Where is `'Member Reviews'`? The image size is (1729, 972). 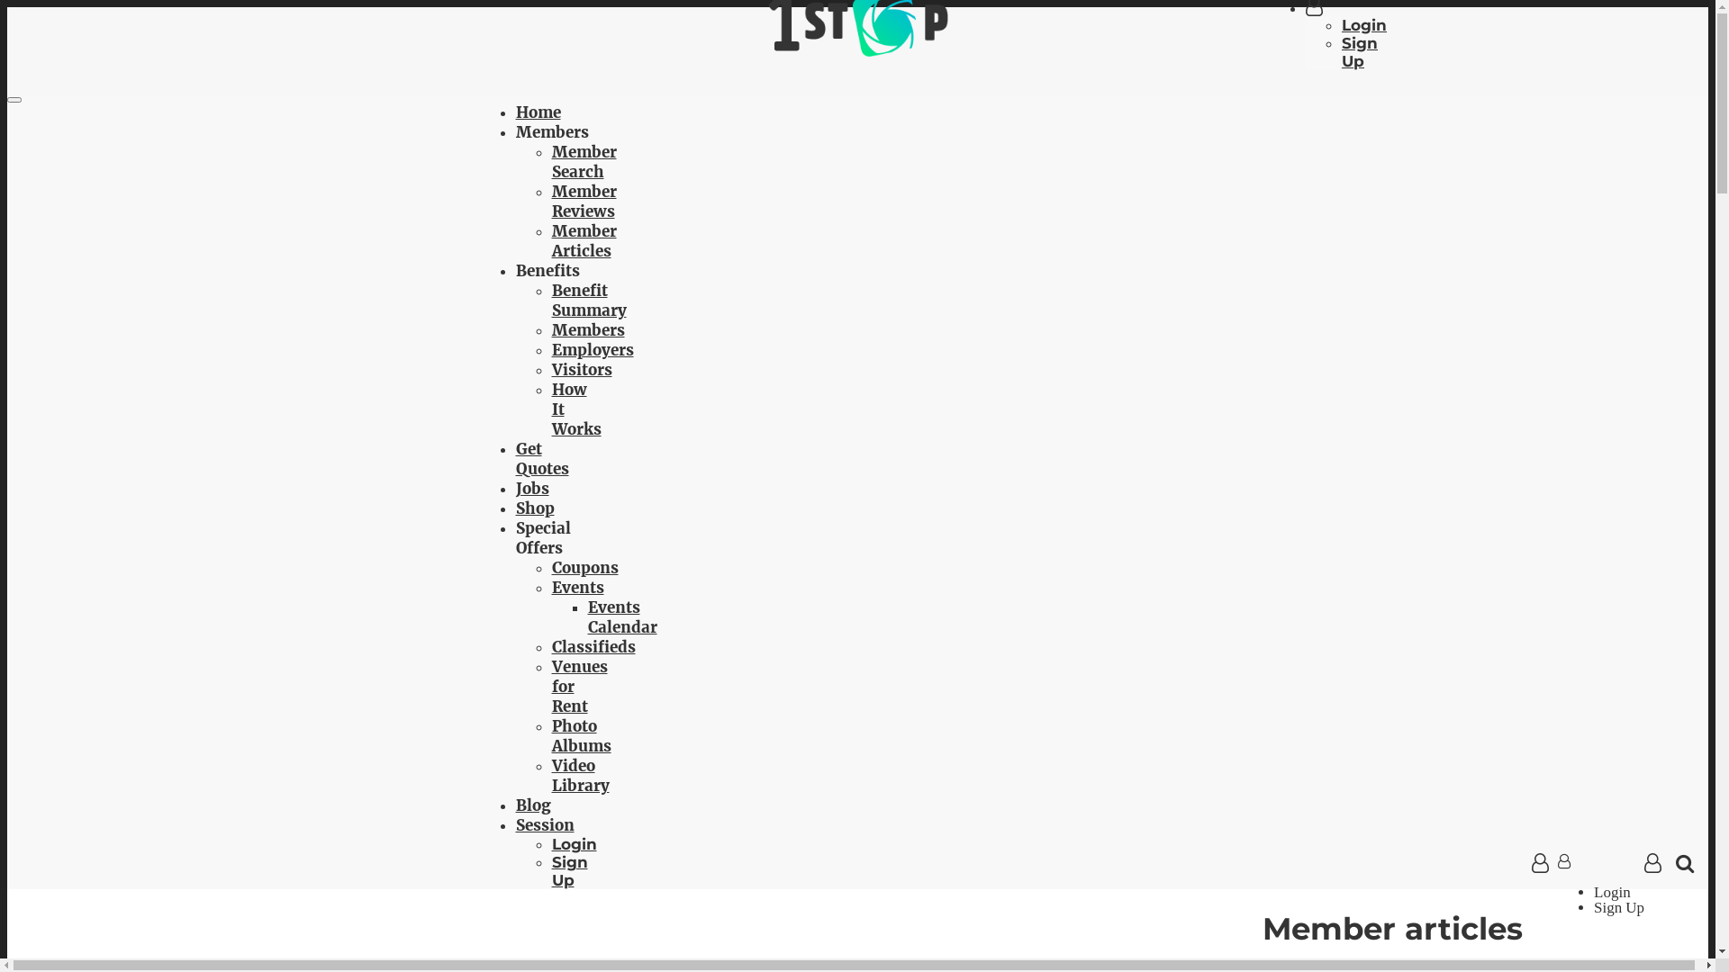 'Member Reviews' is located at coordinates (584, 201).